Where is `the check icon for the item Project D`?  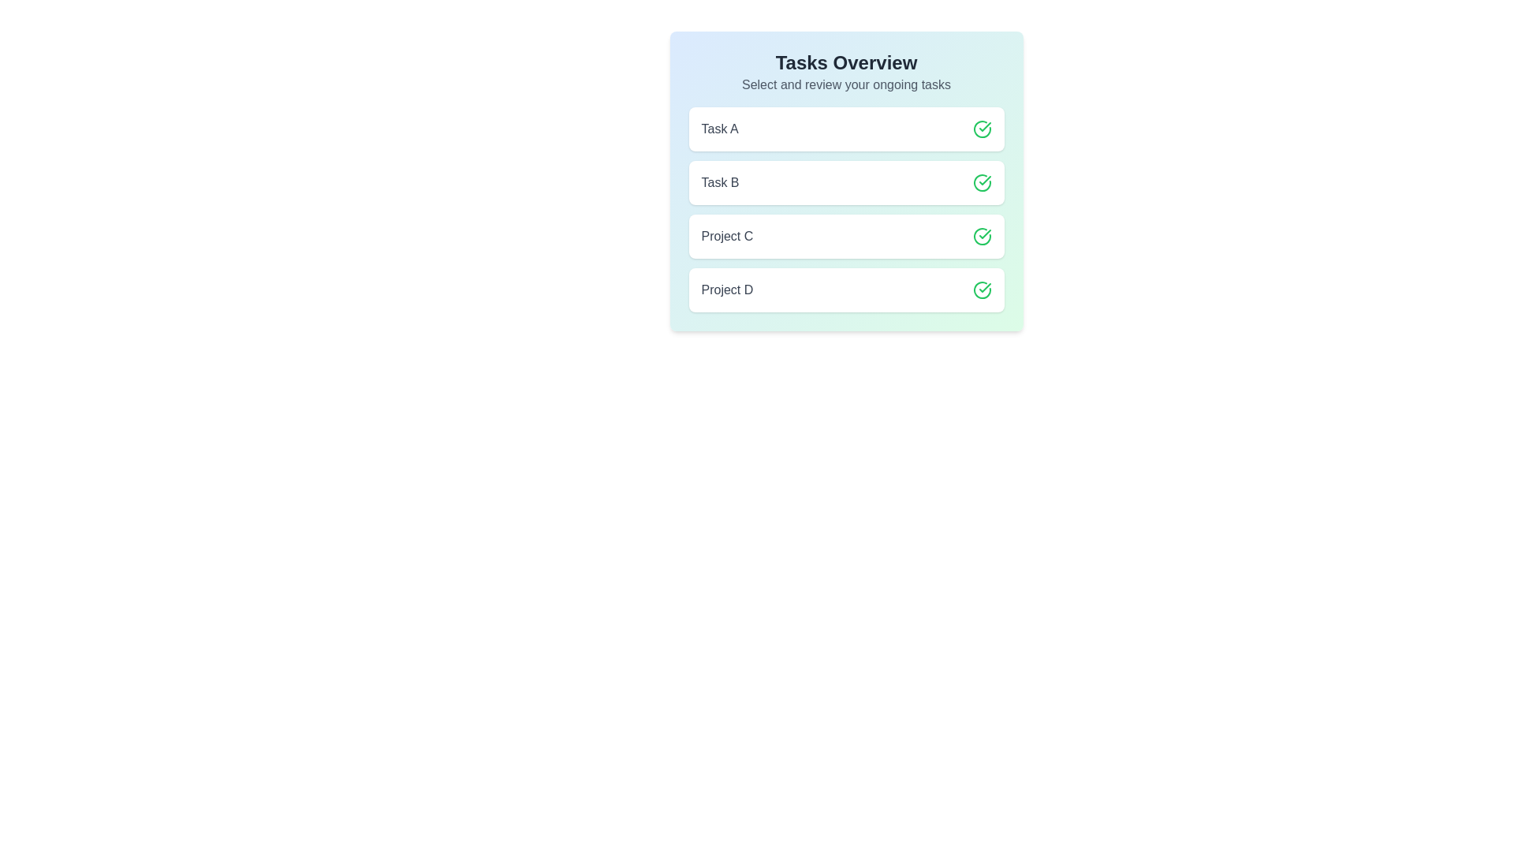
the check icon for the item Project D is located at coordinates (981, 290).